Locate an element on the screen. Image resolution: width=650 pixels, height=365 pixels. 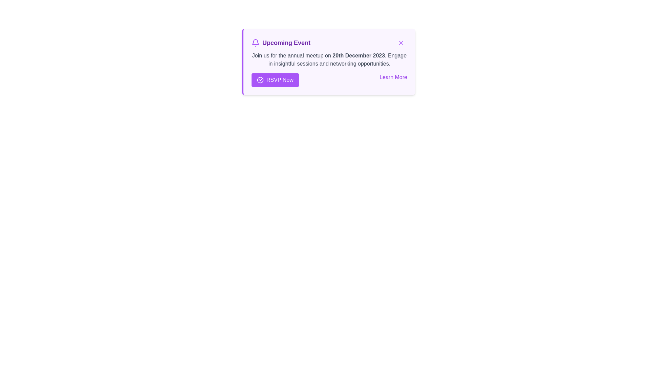
the circular purple icon with a white check mark, which is part of the 'RSVP Now' button located on the notification panel is located at coordinates (260, 79).